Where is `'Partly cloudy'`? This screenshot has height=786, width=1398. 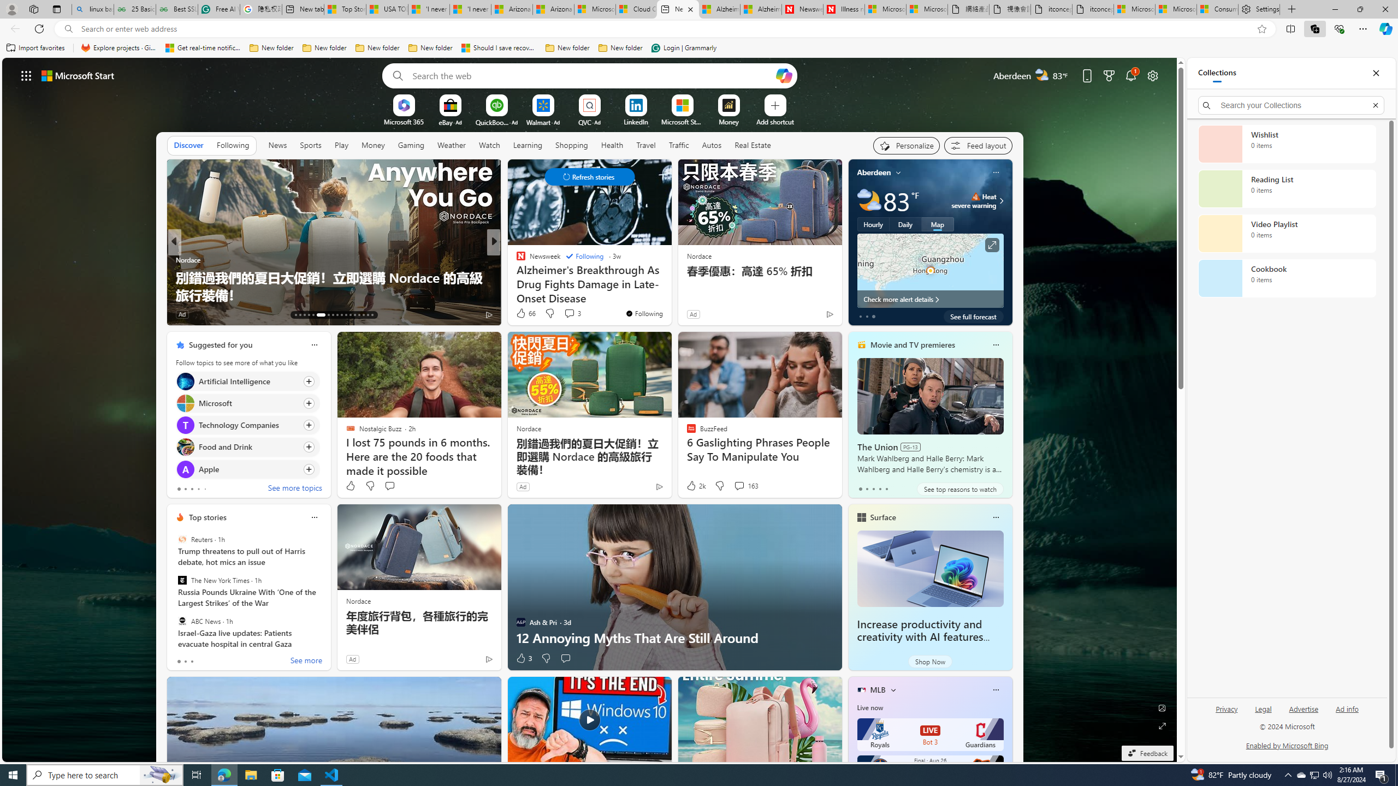 'Partly cloudy' is located at coordinates (868, 200).